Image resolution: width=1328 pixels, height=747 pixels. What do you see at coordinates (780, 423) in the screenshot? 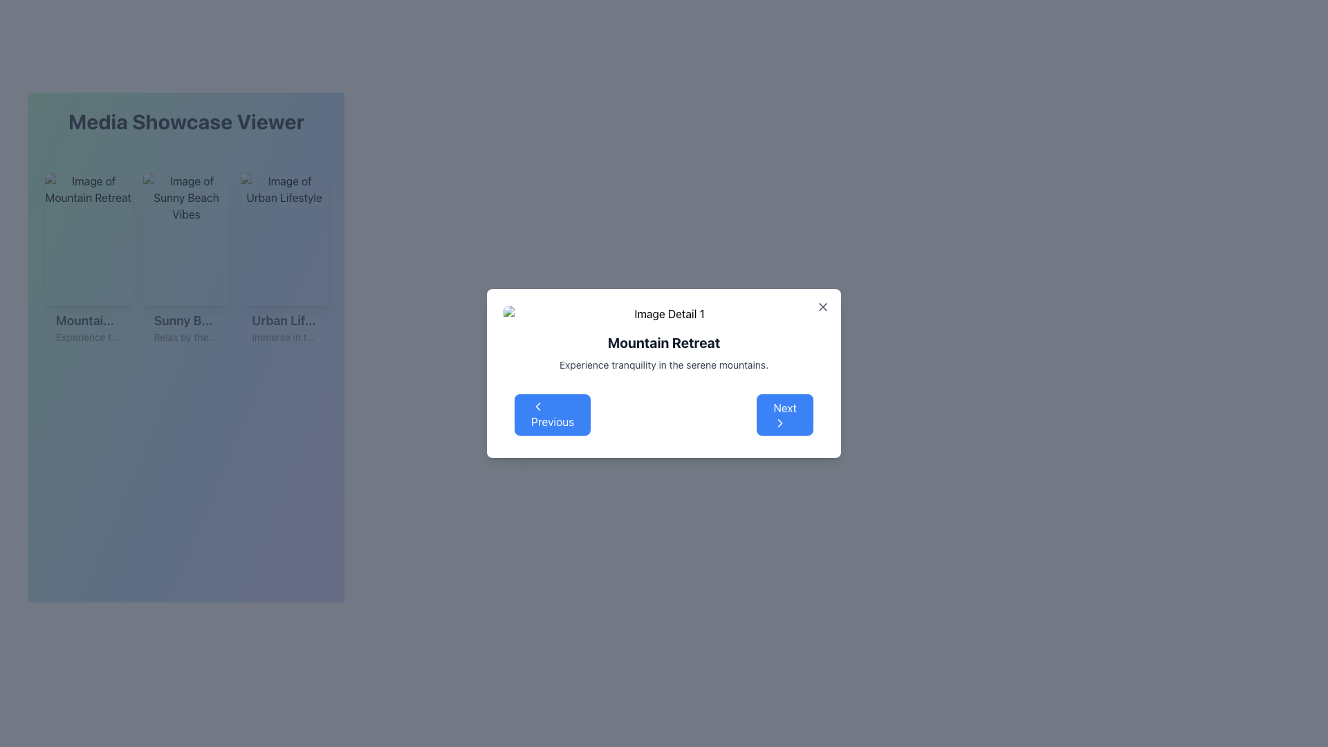
I see `the vector graphic icon (SVG) representing the action of proceeding or navigating to the next item, located within the 'Next' button at the bottom-right corner of the modal dialog` at bounding box center [780, 423].